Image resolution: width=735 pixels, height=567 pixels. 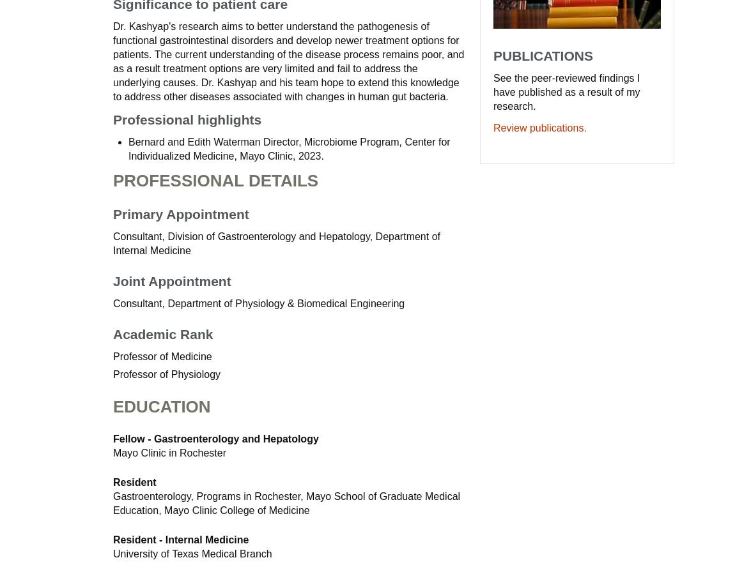 What do you see at coordinates (112, 481) in the screenshot?
I see `'Resident'` at bounding box center [112, 481].